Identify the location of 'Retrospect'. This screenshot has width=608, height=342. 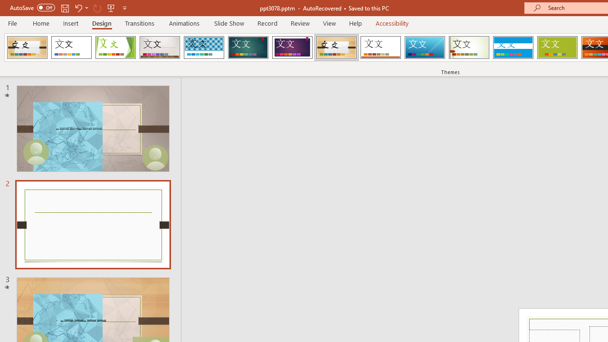
(380, 47).